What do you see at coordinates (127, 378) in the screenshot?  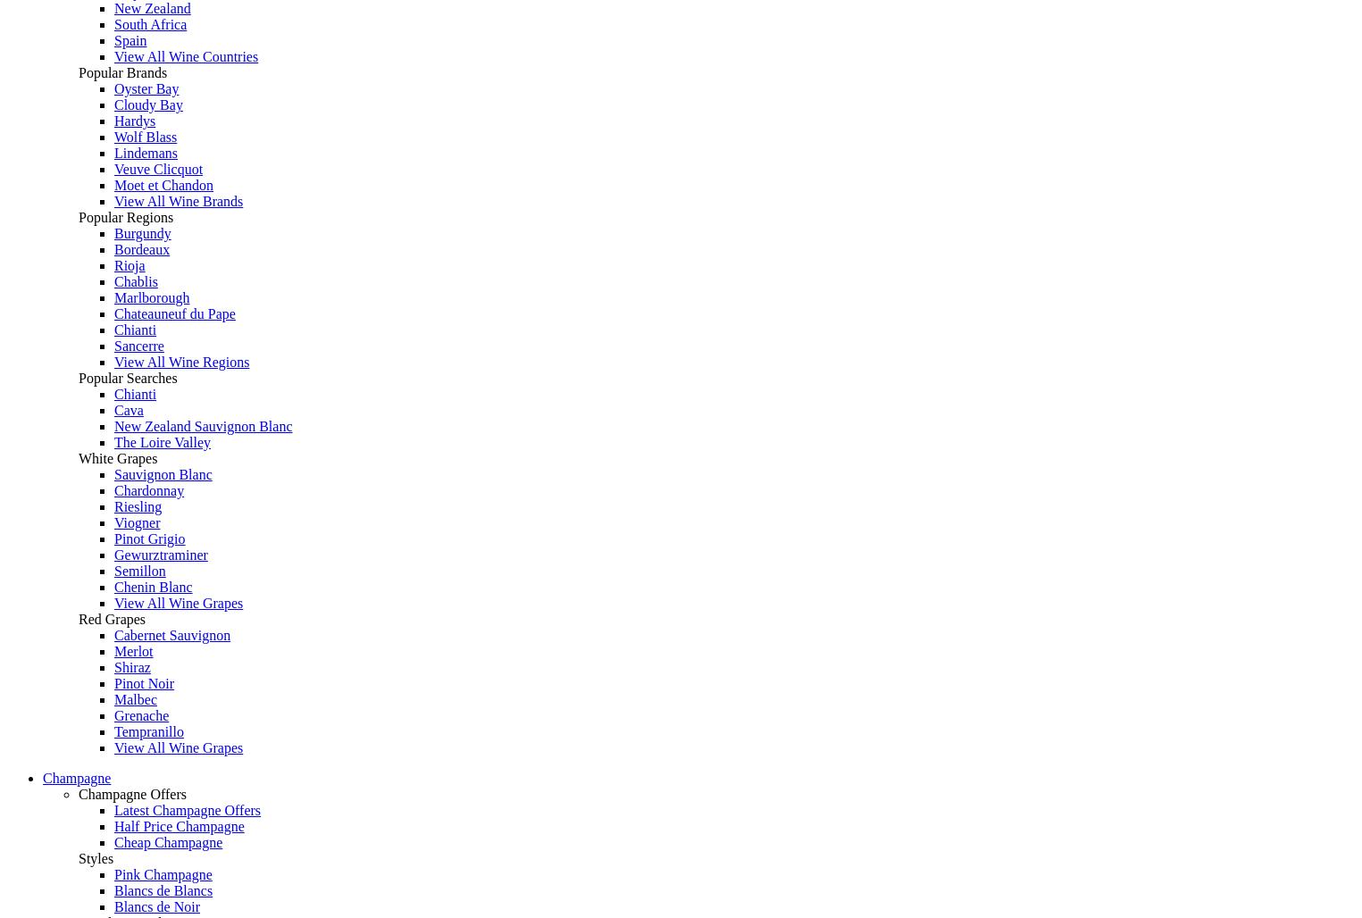 I see `'Popular Searches'` at bounding box center [127, 378].